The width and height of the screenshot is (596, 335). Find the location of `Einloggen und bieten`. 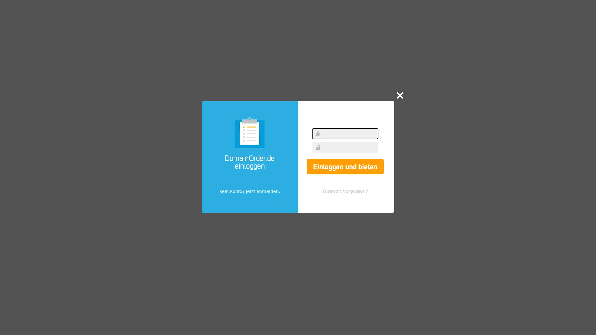

Einloggen und bieten is located at coordinates (345, 166).